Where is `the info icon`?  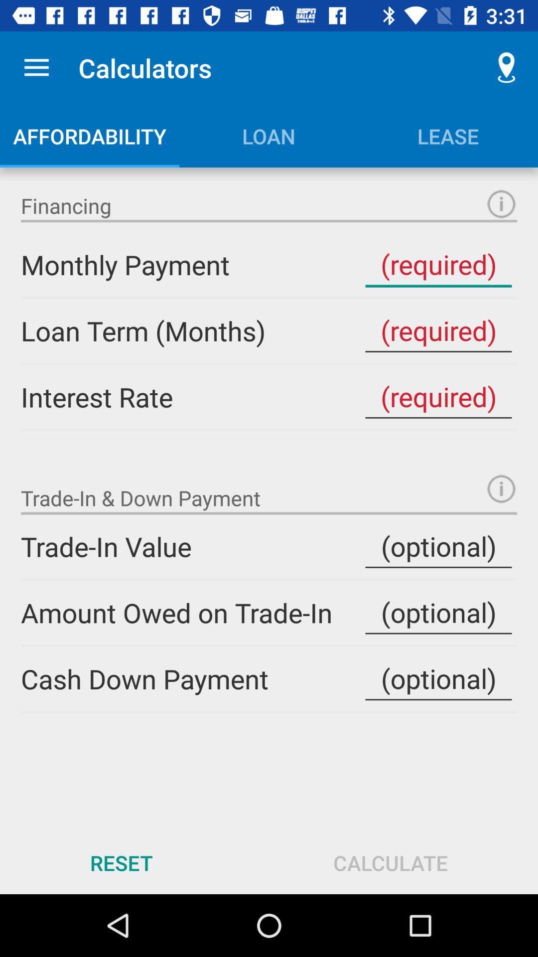 the info icon is located at coordinates (501, 203).